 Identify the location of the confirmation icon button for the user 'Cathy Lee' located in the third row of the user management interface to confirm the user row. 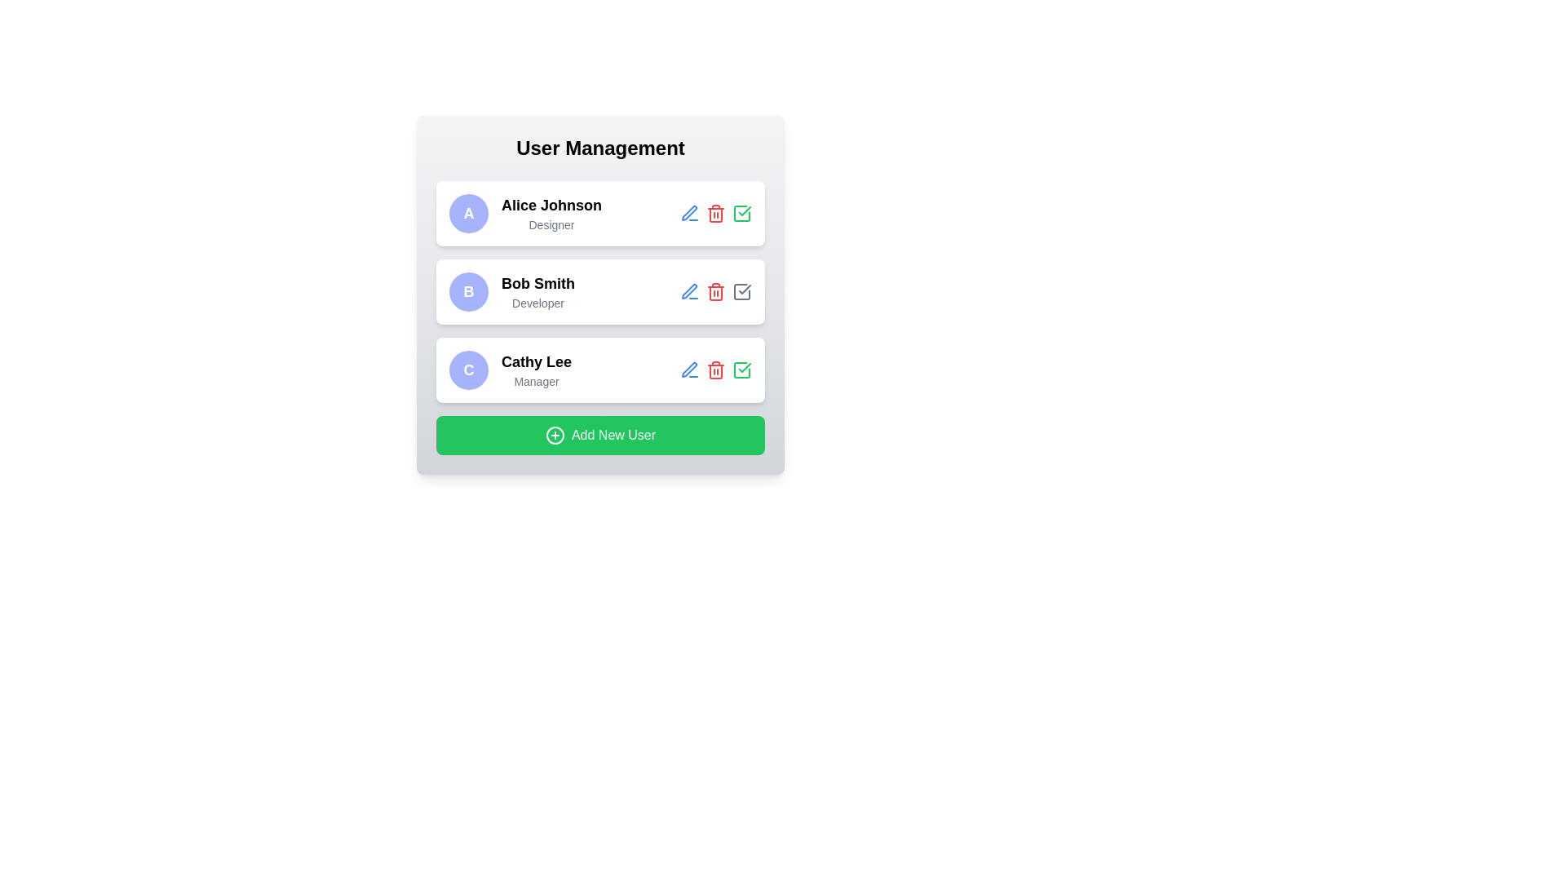
(744, 368).